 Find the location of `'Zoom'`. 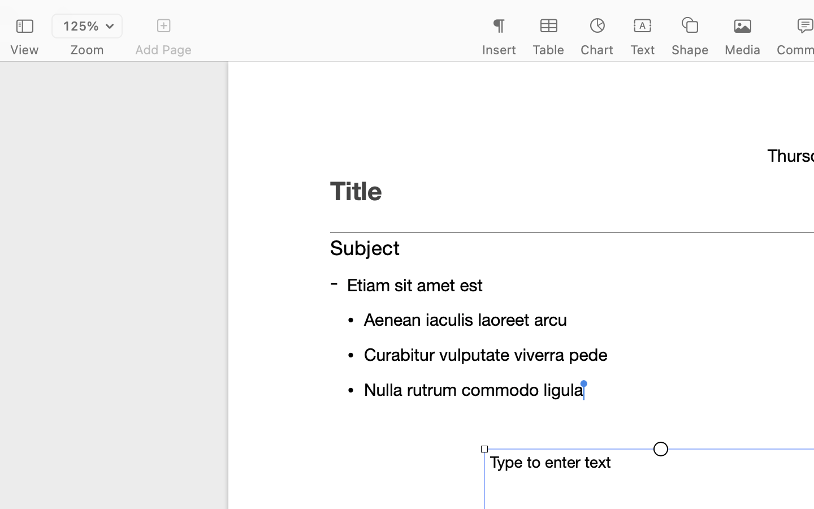

'Zoom' is located at coordinates (86, 49).